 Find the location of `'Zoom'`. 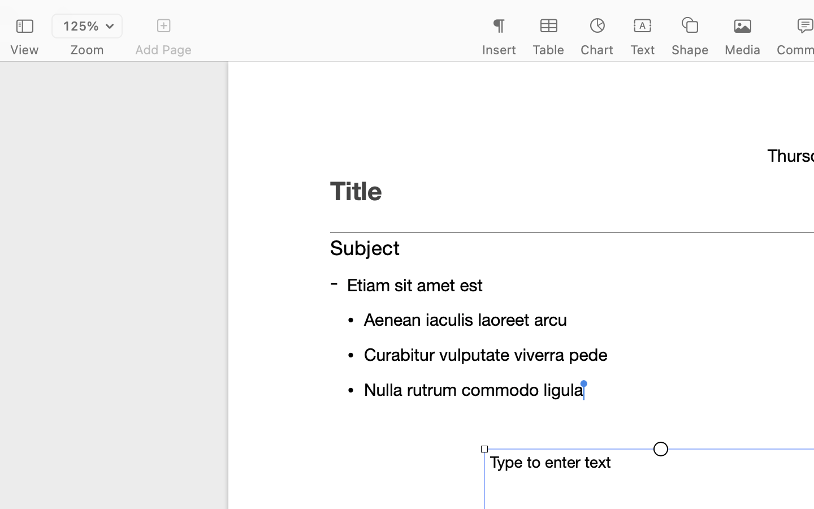

'Zoom' is located at coordinates (86, 49).